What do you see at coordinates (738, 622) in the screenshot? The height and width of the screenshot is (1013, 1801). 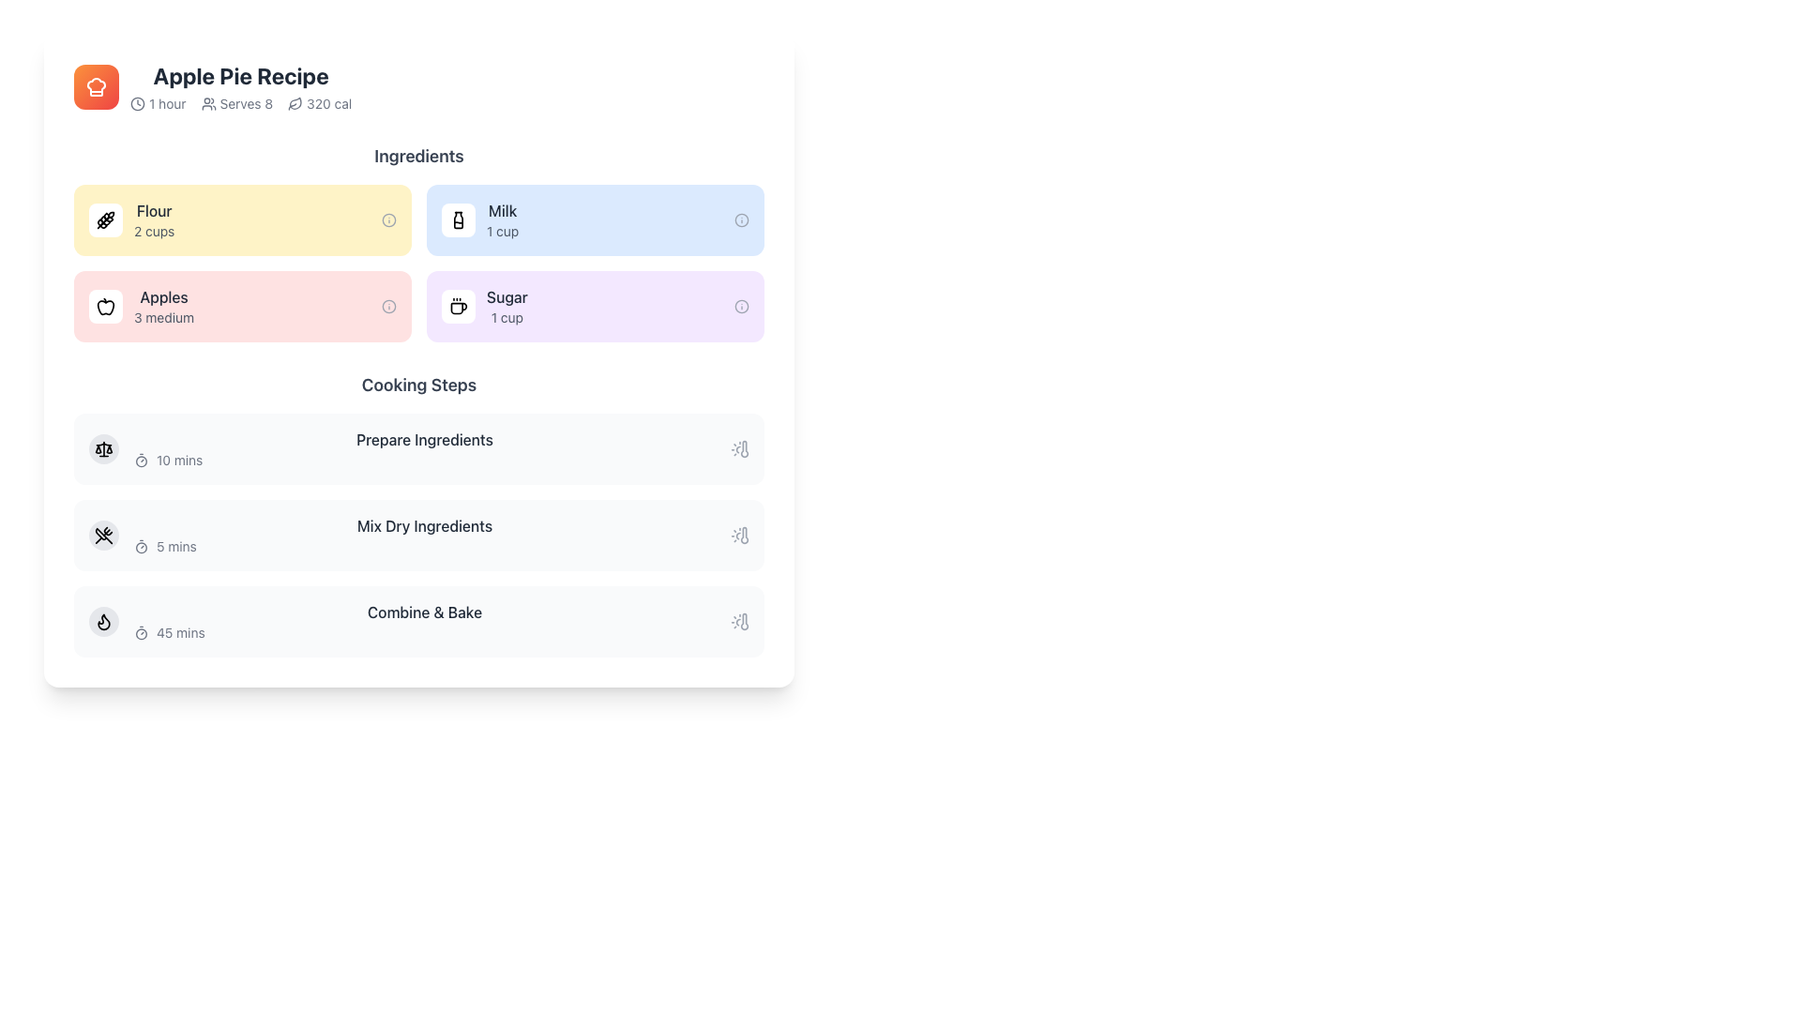 I see `the icon resembling a thermometer with sun rays, styled in minimalist line art, located on the far right side of the 'Combine & Bake' card adjacent to the '45 mins' text` at bounding box center [738, 622].